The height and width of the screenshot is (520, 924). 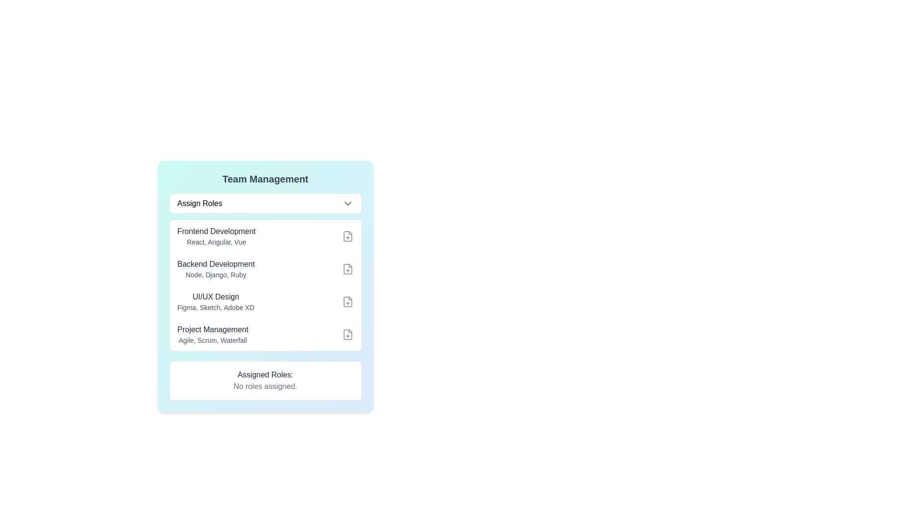 I want to click on the static text display that shows 'No roles assigned.' which is located under the 'Assigned Roles:' label in the panel, so click(x=265, y=386).